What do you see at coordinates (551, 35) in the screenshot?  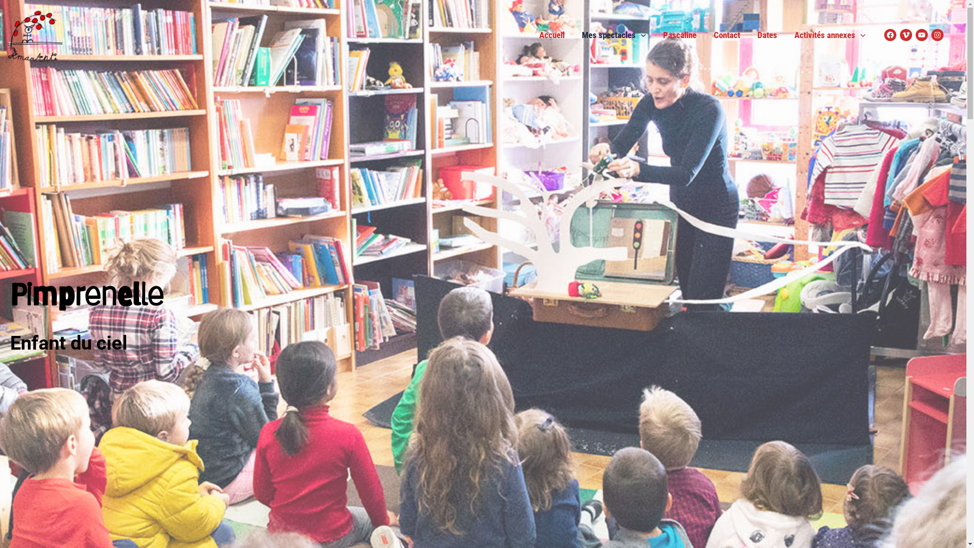 I see `'Accueil'` at bounding box center [551, 35].